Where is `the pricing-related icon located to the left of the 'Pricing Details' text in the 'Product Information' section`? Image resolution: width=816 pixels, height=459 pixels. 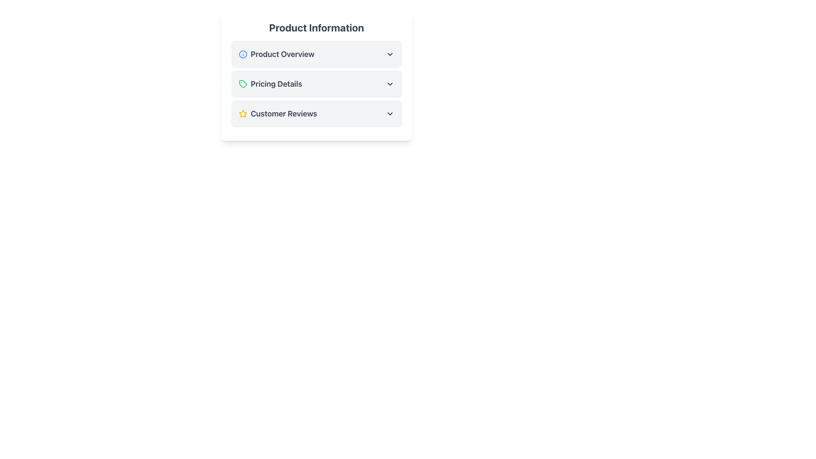 the pricing-related icon located to the left of the 'Pricing Details' text in the 'Product Information' section is located at coordinates (242, 84).